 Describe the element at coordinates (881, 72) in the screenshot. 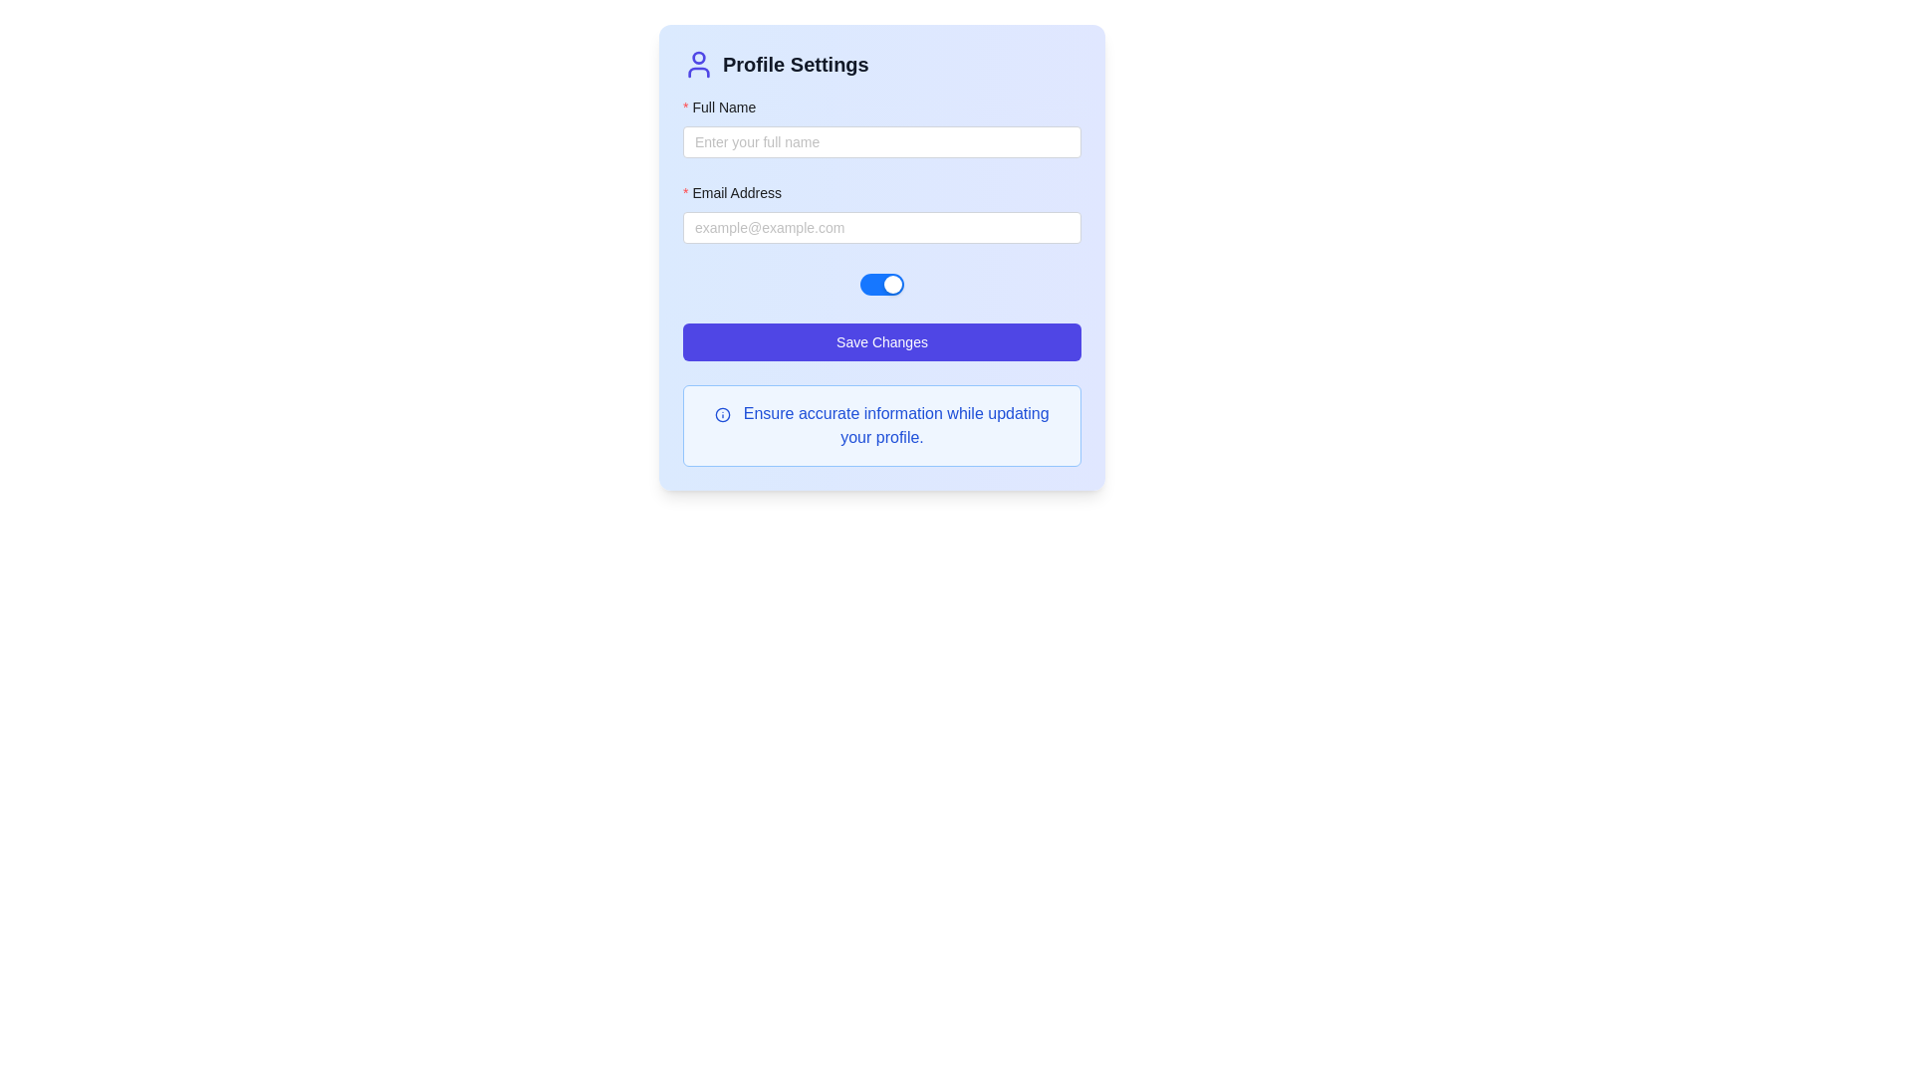

I see `visually on the header text element that reads 'Profile Settings' with a user profile icon to its left, located at the top-left of the card interface` at that location.